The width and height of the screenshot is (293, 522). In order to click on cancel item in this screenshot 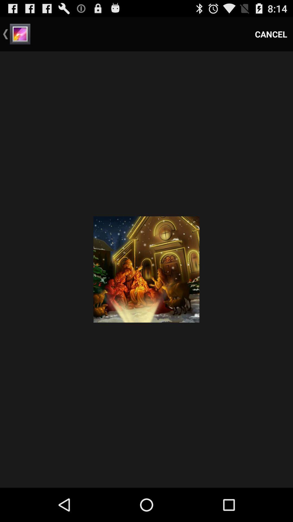, I will do `click(271, 34)`.